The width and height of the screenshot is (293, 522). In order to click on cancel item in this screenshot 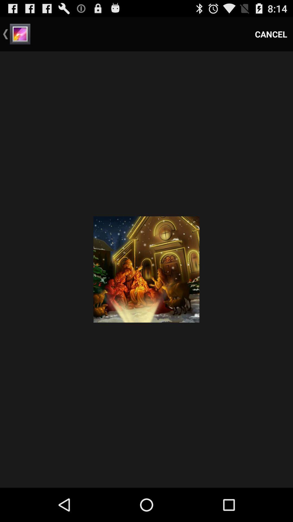, I will do `click(271, 34)`.